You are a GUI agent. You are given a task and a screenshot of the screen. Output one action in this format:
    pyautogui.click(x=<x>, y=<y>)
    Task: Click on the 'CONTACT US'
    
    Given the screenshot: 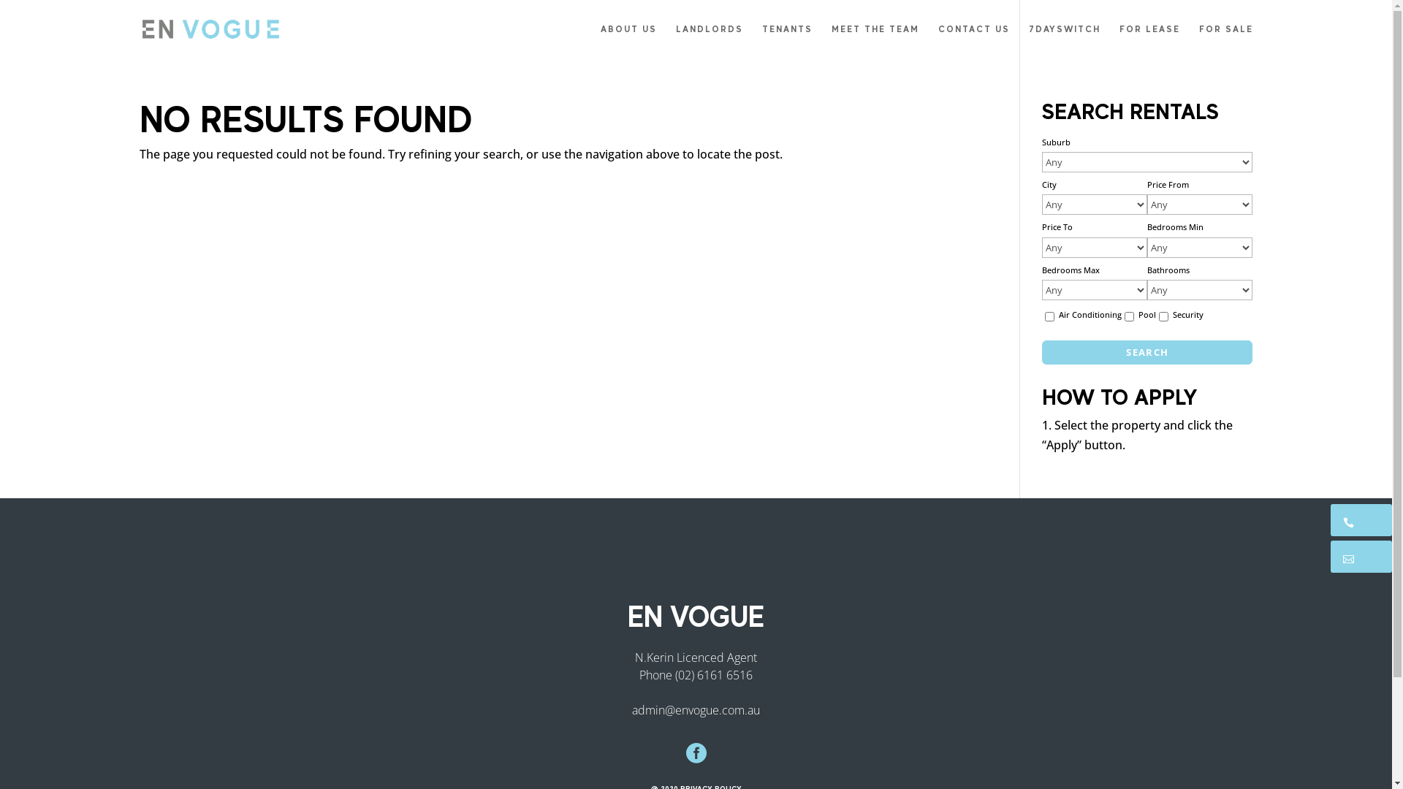 What is the action you would take?
    pyautogui.click(x=938, y=40)
    